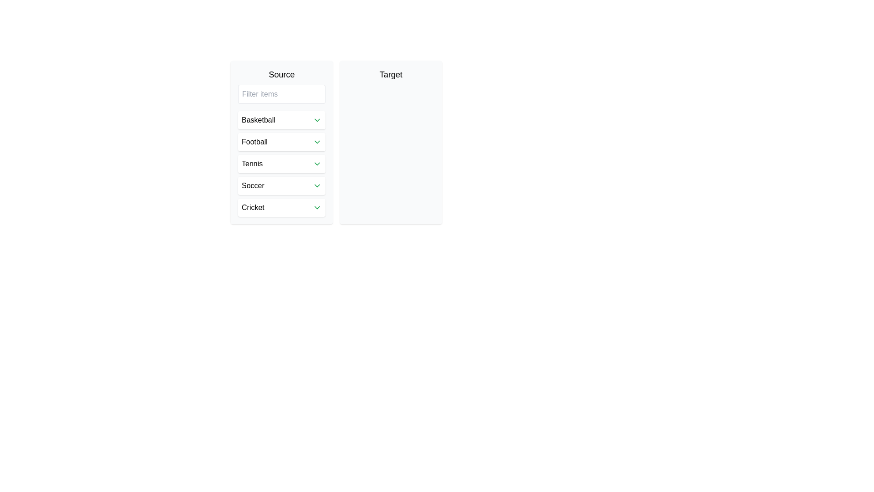 Image resolution: width=874 pixels, height=492 pixels. Describe the element at coordinates (258, 119) in the screenshot. I see `the 'Basketball' text label in the first row of the 'Source' list` at that location.